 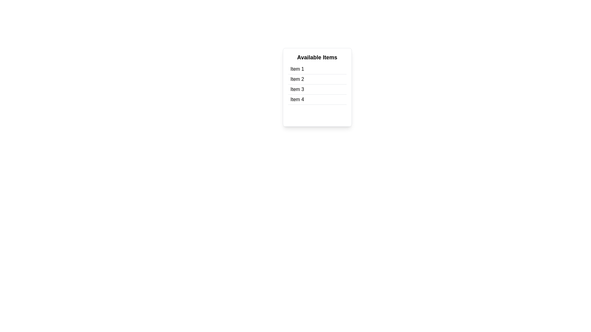 What do you see at coordinates (297, 79) in the screenshot?
I see `the text label displaying 'Item 2', which is the second entry in the list under 'Available Items'` at bounding box center [297, 79].